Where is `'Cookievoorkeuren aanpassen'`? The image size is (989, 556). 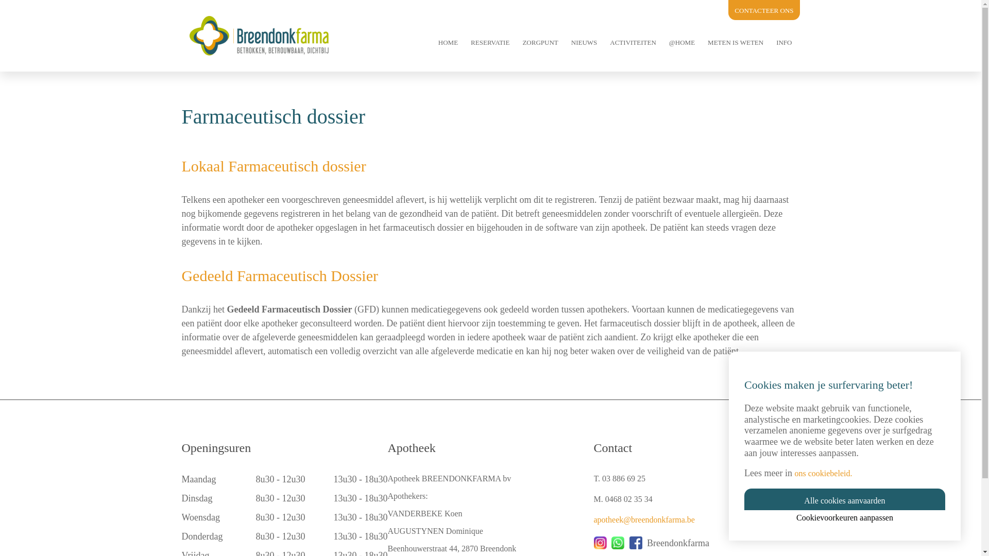
'Cookievoorkeuren aanpassen' is located at coordinates (845, 517).